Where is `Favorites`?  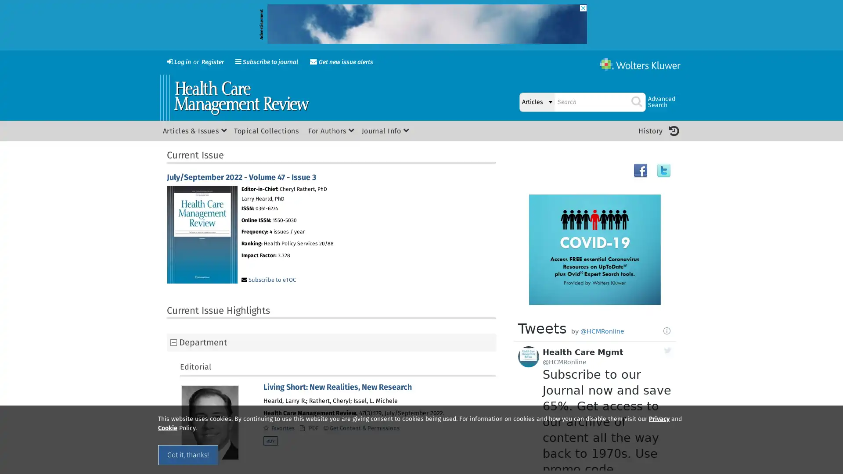
Favorites is located at coordinates (278, 428).